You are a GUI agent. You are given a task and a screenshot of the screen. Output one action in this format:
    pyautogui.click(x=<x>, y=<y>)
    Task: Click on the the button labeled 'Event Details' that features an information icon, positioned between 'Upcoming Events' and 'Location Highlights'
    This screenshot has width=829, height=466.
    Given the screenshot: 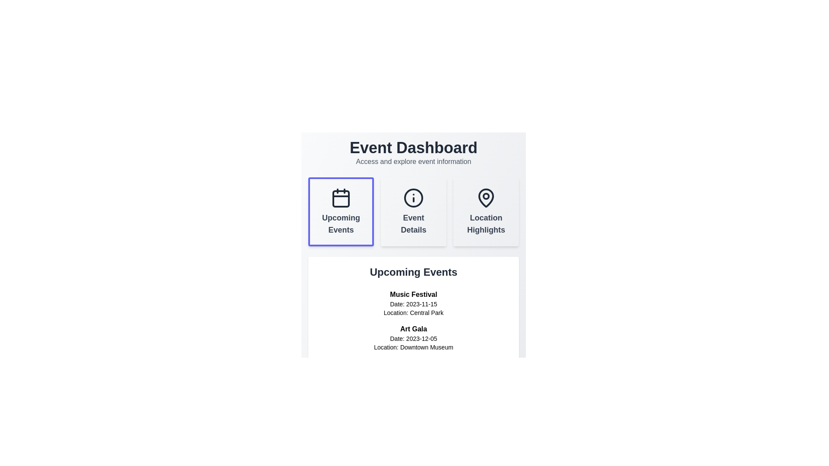 What is the action you would take?
    pyautogui.click(x=413, y=211)
    